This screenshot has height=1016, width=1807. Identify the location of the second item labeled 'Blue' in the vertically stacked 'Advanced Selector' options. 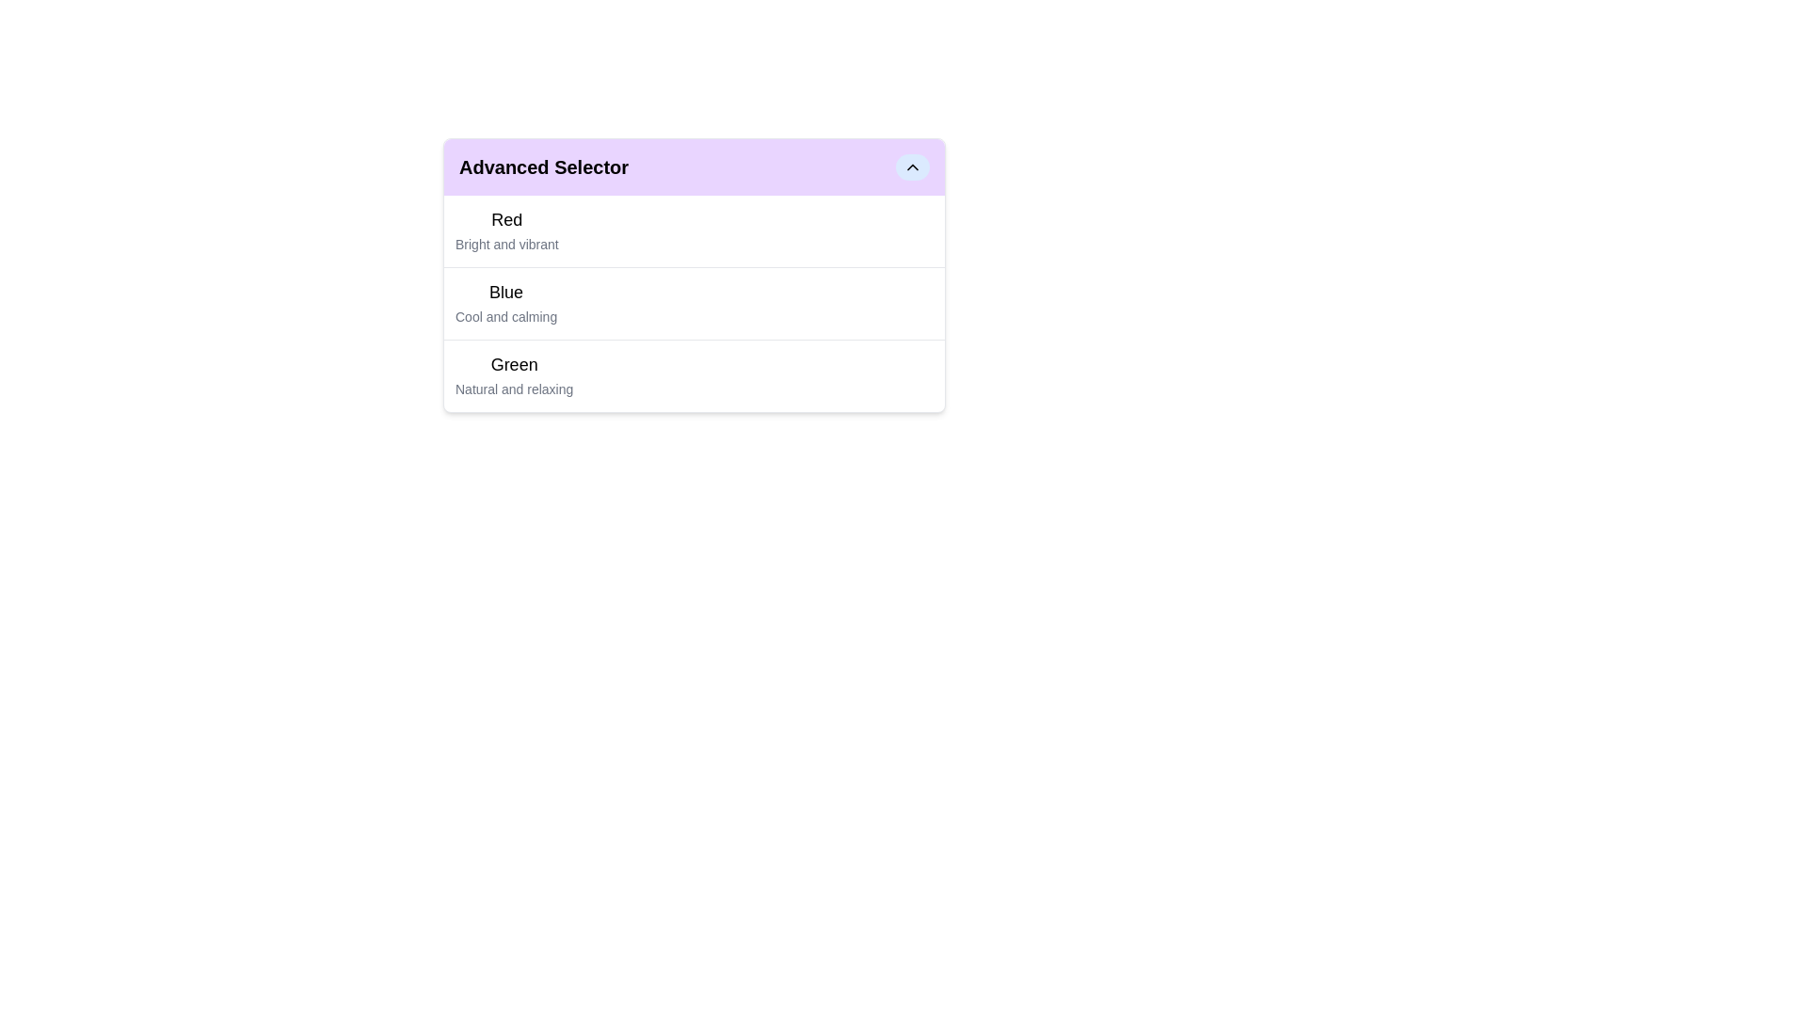
(694, 276).